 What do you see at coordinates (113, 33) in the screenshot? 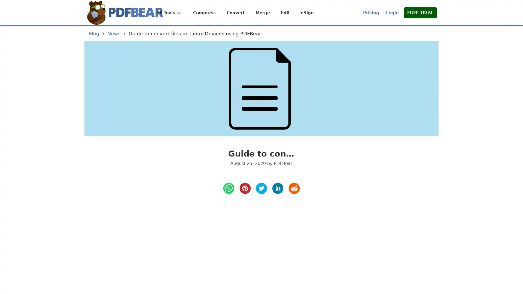
I see `News` at bounding box center [113, 33].